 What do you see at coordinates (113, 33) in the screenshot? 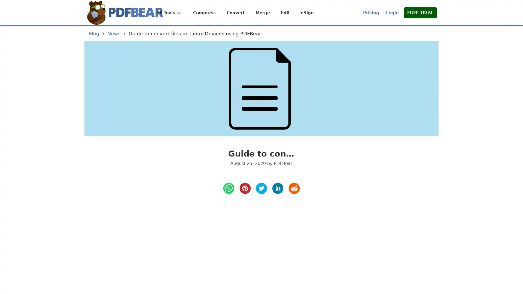
I see `News` at bounding box center [113, 33].